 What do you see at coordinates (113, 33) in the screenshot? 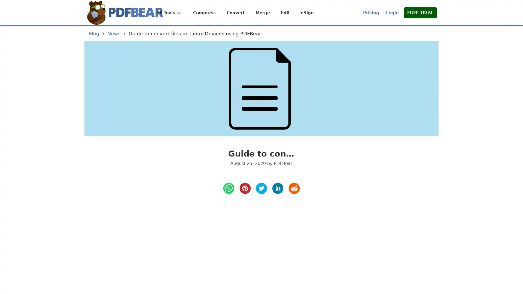
I see `News` at bounding box center [113, 33].